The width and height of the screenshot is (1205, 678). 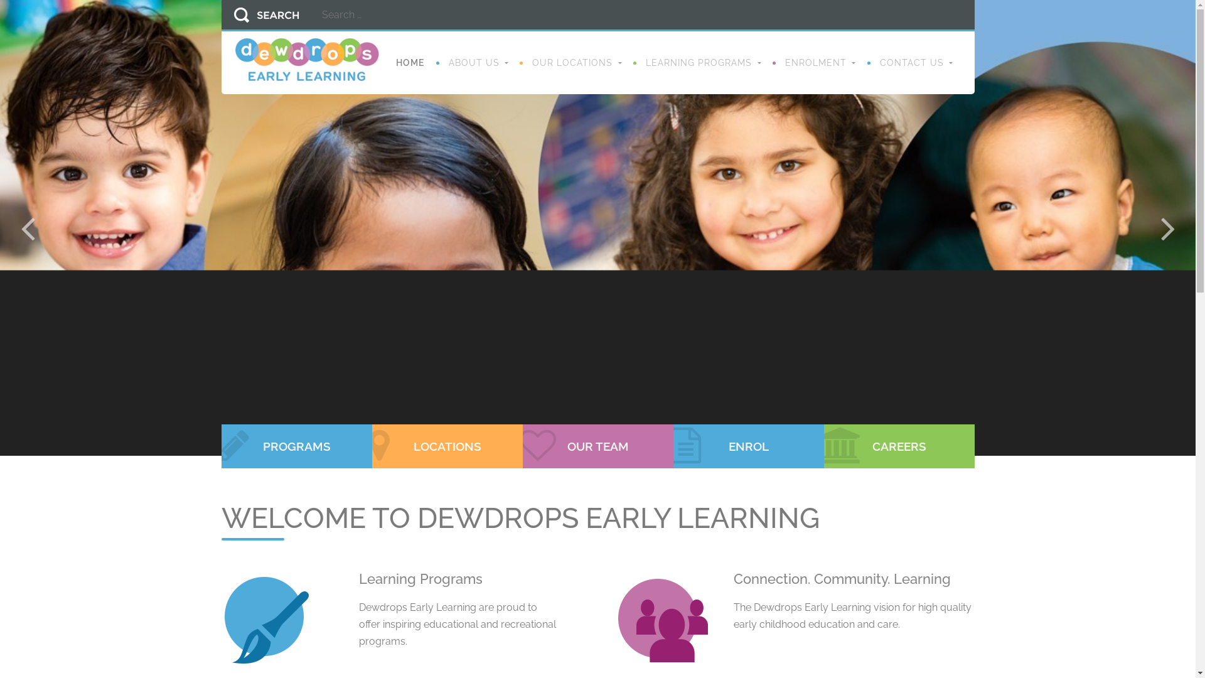 I want to click on 'Dewdrops Early Learning', so click(x=306, y=59).